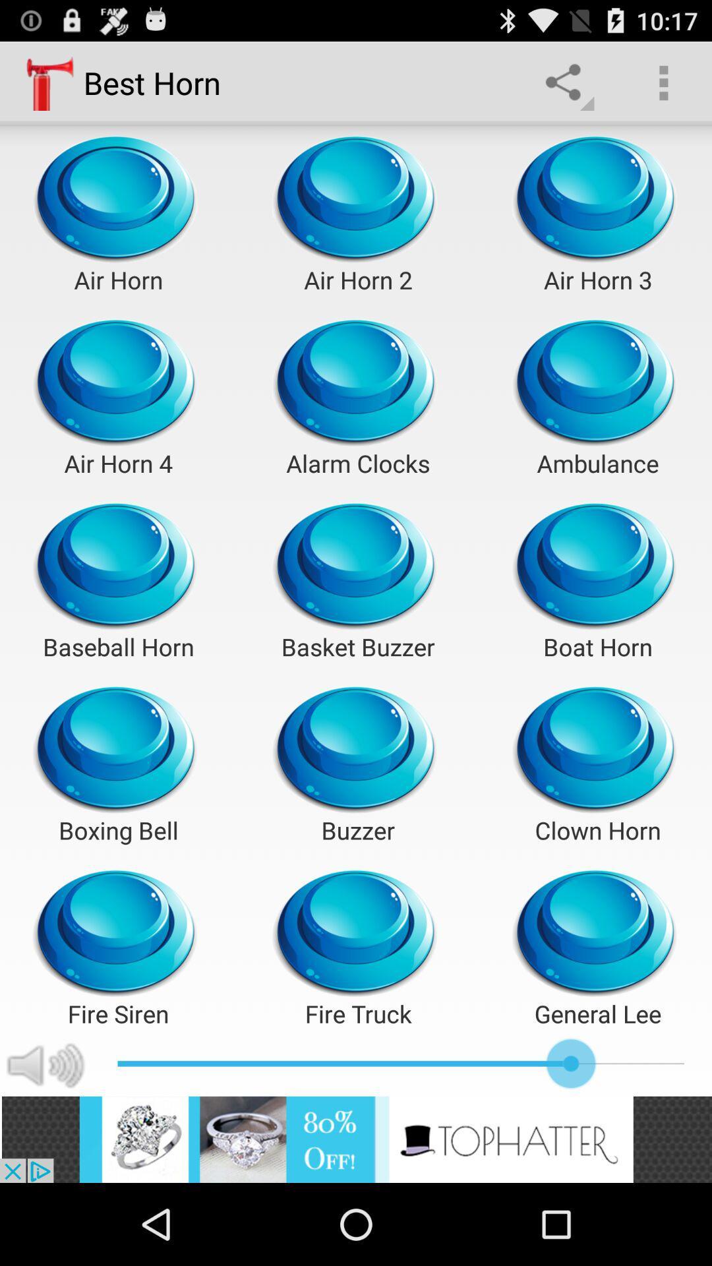  What do you see at coordinates (44, 1135) in the screenshot?
I see `the volume icon` at bounding box center [44, 1135].